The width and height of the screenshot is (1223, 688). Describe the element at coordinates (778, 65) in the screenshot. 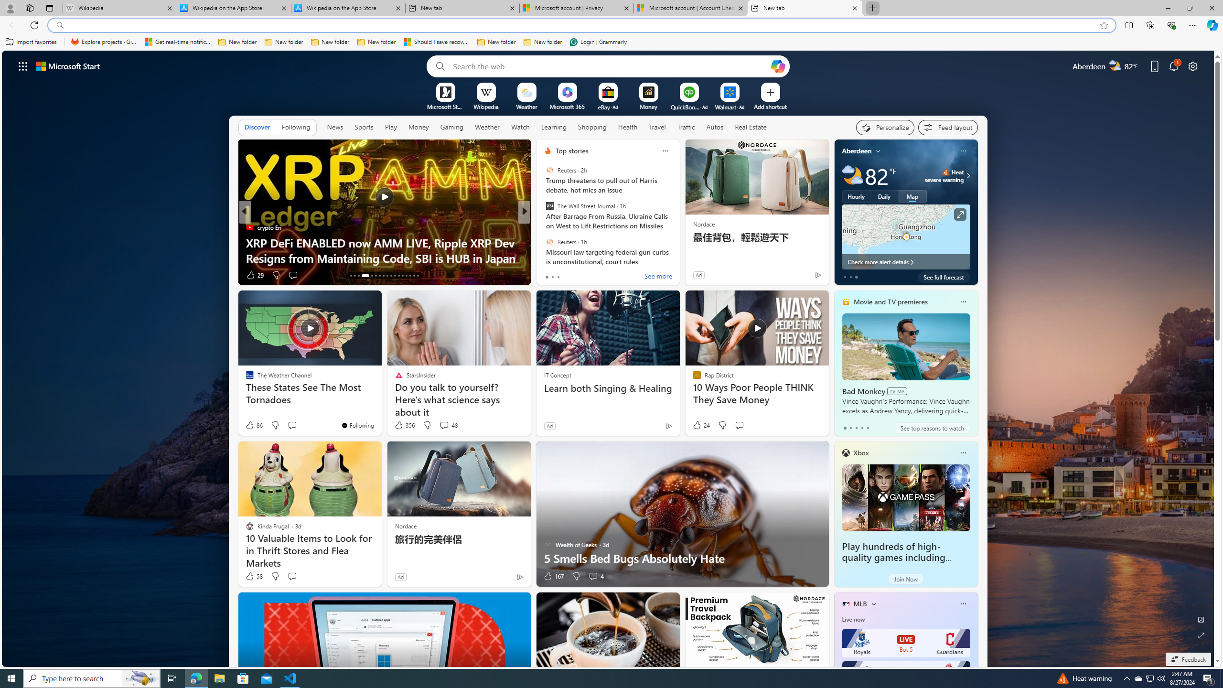

I see `'Open Copilot'` at that location.